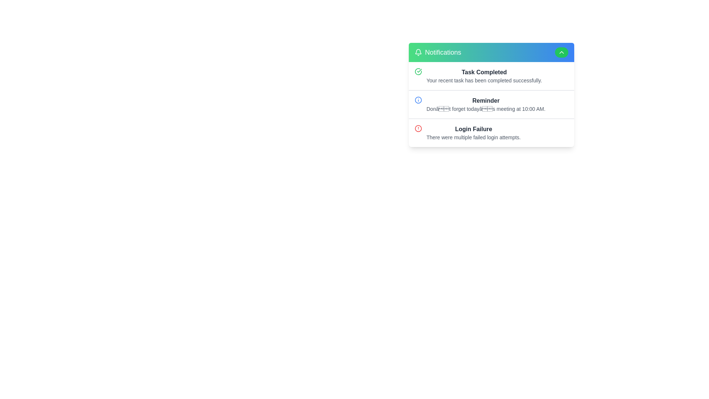 This screenshot has width=709, height=399. I want to click on the text with accompanying icon in the notifications panel header for accessibility purposes, so click(438, 52).